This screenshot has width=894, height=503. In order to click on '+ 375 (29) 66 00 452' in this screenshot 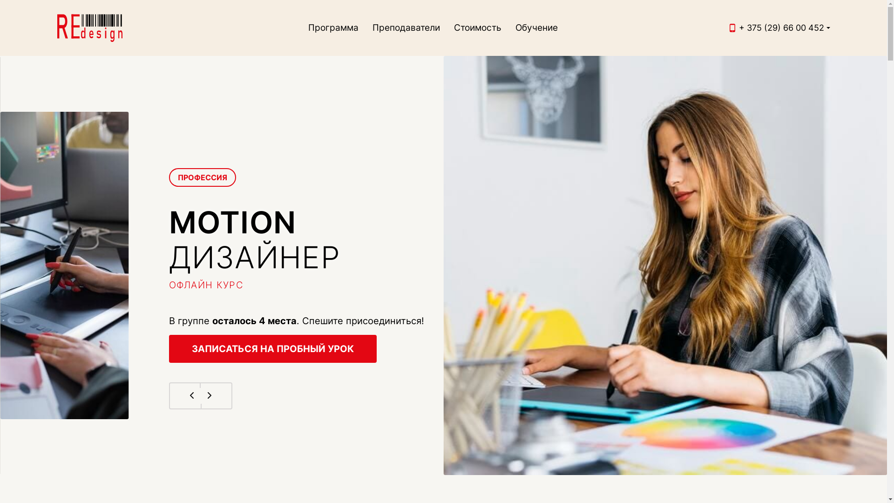, I will do `click(781, 27)`.